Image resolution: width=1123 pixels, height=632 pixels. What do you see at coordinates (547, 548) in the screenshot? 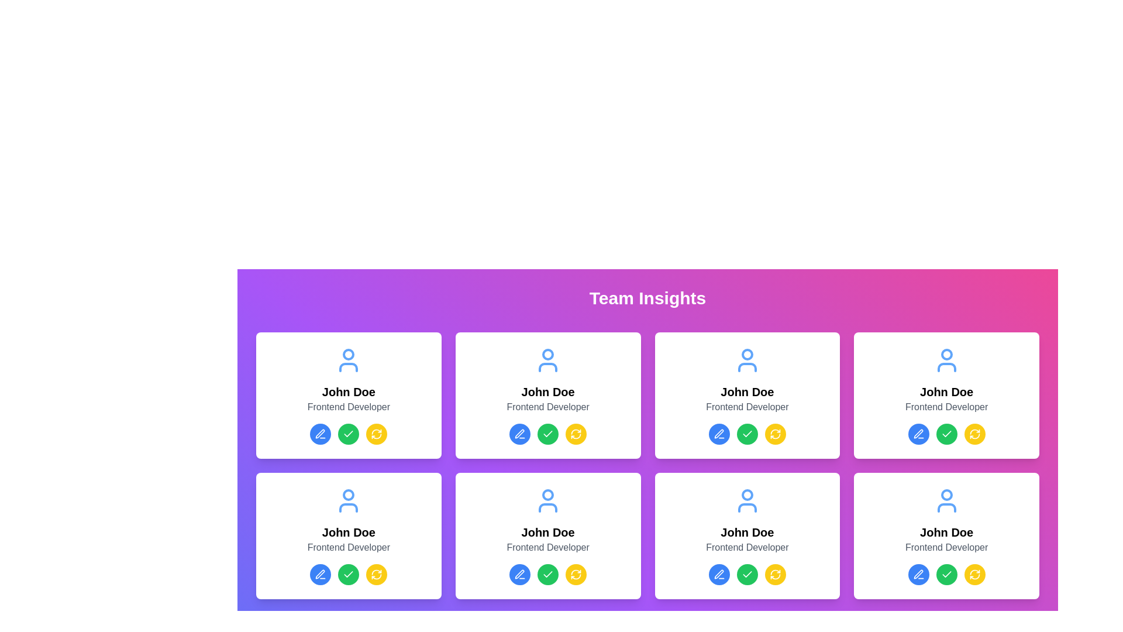
I see `the Text Label reading 'Frontend Developer' styled in gray font, positioned beneath the title 'John Doe' in the card layout` at bounding box center [547, 548].